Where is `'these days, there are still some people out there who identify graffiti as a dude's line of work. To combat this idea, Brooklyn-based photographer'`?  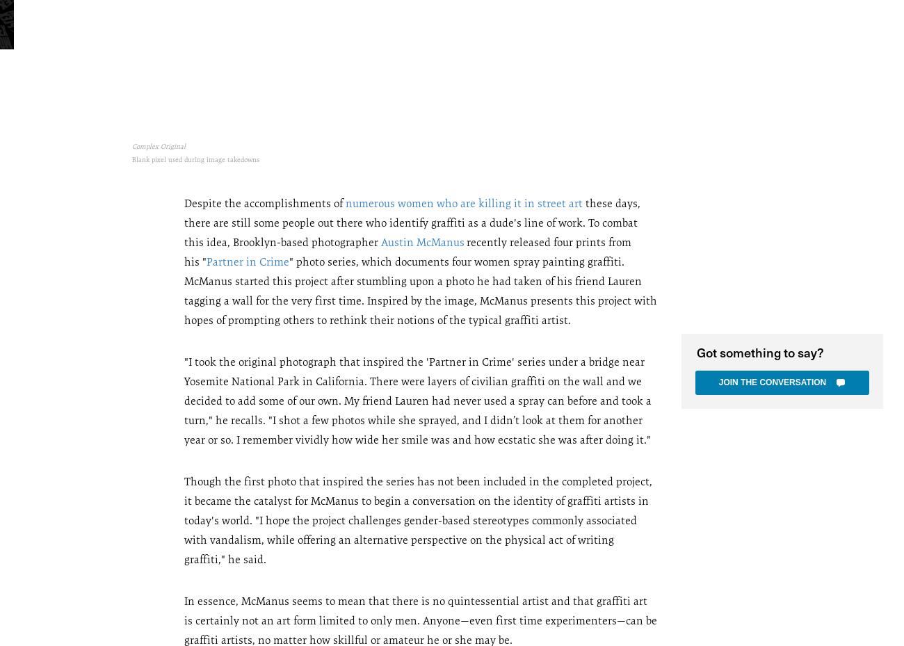 'these days, there are still some people out there who identify graffiti as a dude's line of work. To combat this idea, Brooklyn-based photographer' is located at coordinates (412, 222).